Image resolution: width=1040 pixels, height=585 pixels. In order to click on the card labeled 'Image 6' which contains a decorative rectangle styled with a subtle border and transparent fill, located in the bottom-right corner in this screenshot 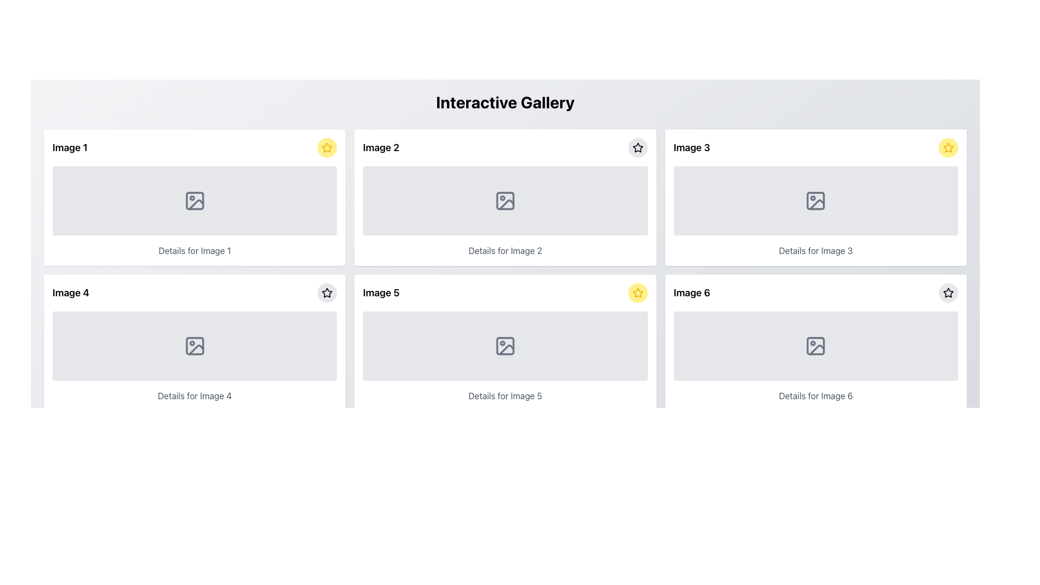, I will do `click(816, 346)`.